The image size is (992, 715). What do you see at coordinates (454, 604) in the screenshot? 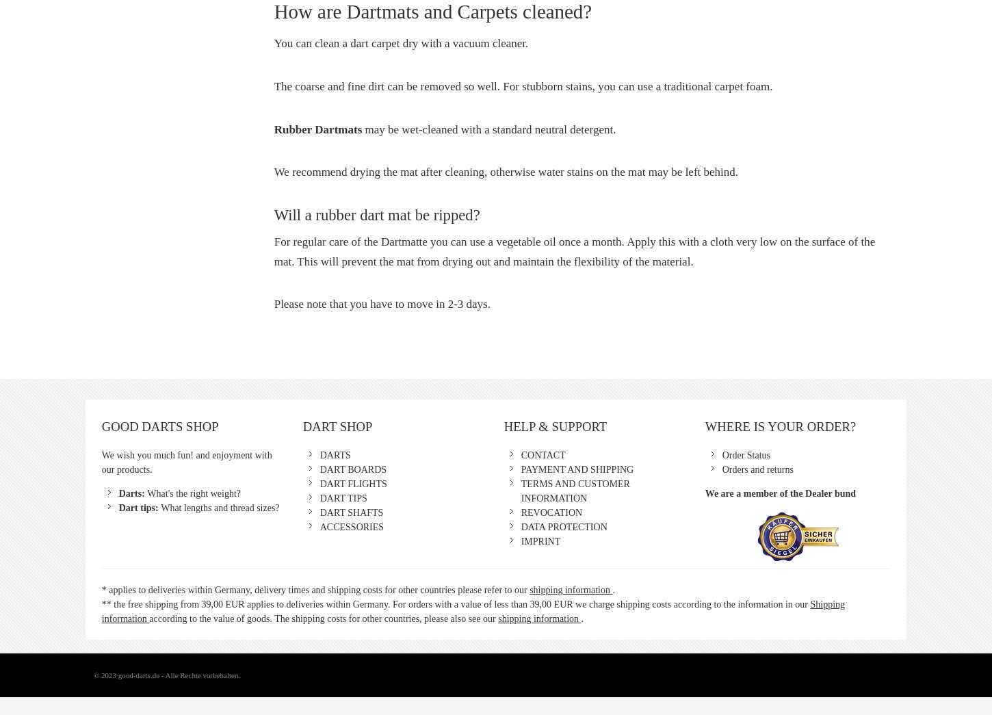
I see `'** the free shipping from 39,00 EUR applies to deliveries within Germany. For orders with a value of less than 39,00 EUR we charge shipping costs according to the information in our'` at bounding box center [454, 604].